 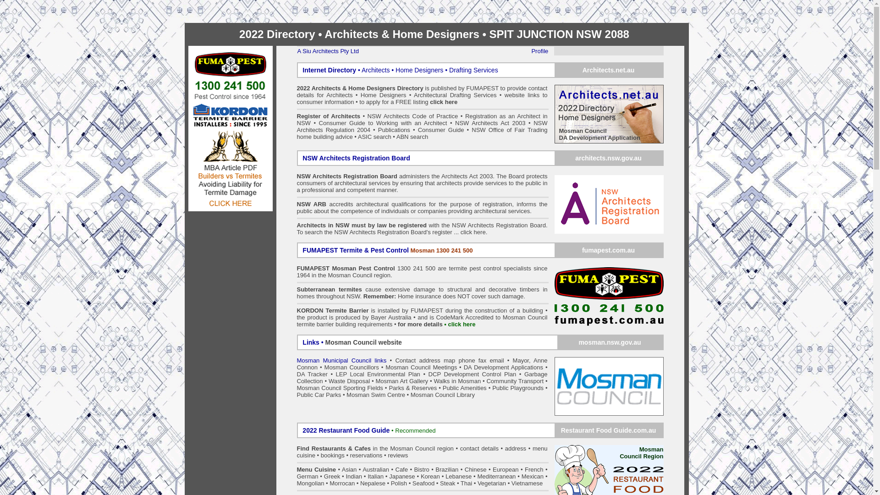 What do you see at coordinates (346, 430) in the screenshot?
I see `'2022 Restaurant Food Guide'` at bounding box center [346, 430].